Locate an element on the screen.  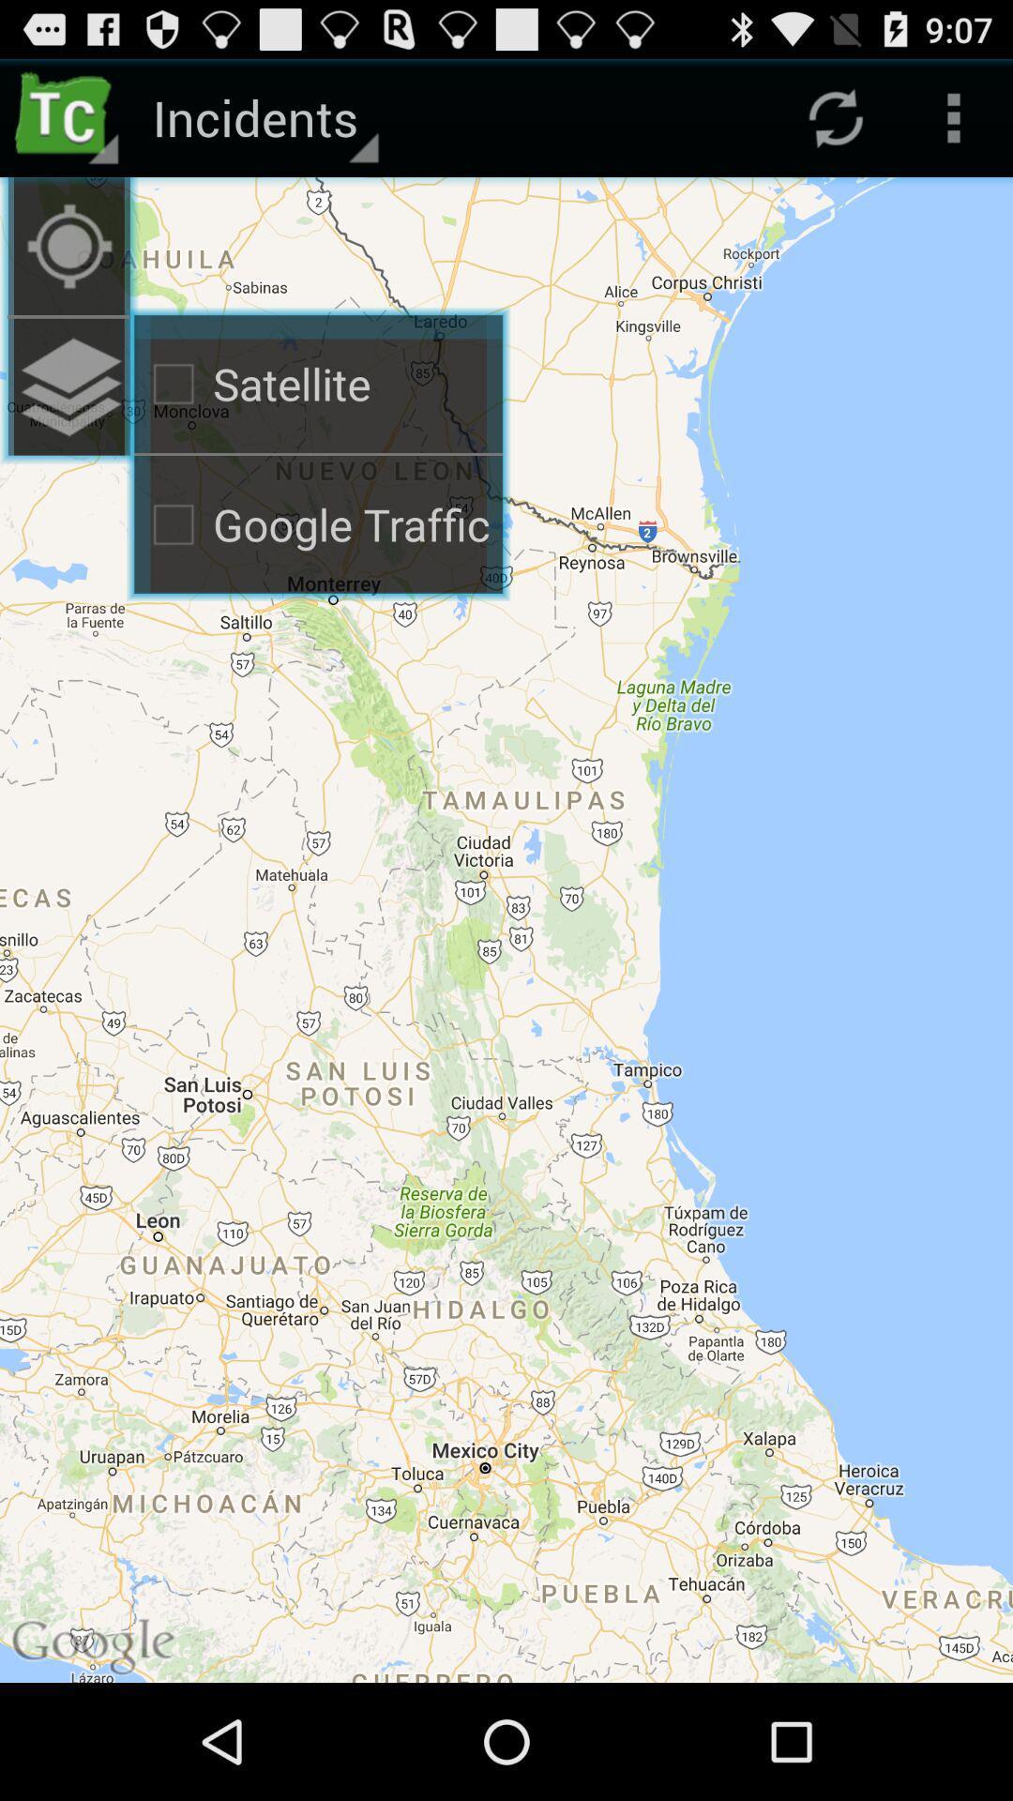
the icon to the left of satellite is located at coordinates (68, 386).